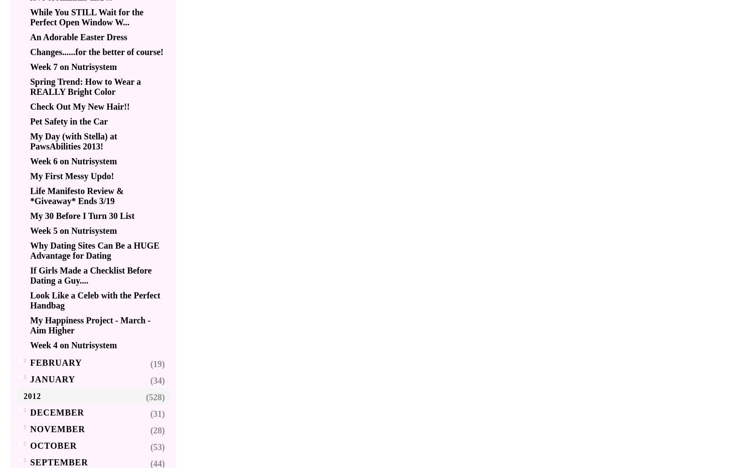 Image resolution: width=747 pixels, height=468 pixels. Describe the element at coordinates (57, 428) in the screenshot. I see `'November'` at that location.